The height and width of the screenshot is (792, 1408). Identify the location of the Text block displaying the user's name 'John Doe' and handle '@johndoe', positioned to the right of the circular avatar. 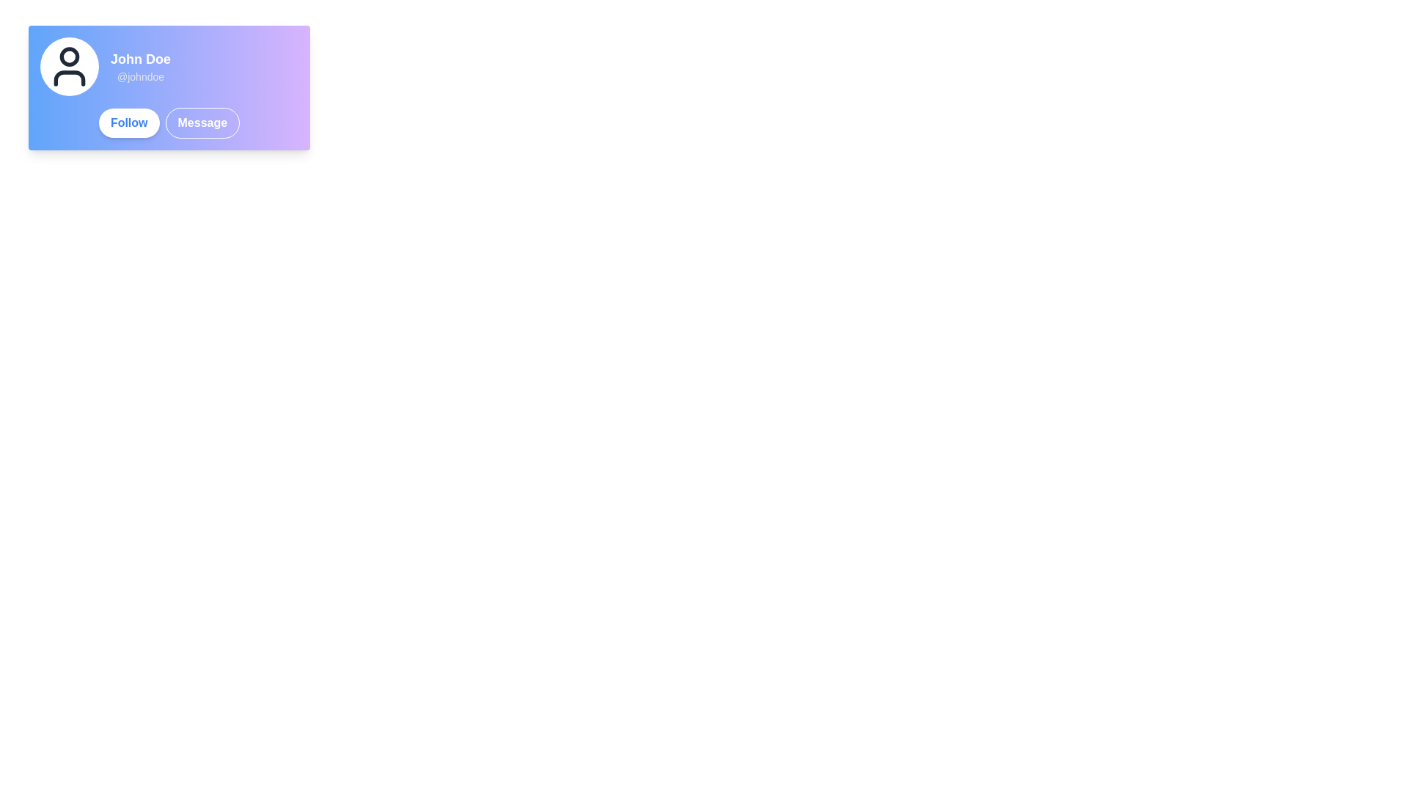
(141, 67).